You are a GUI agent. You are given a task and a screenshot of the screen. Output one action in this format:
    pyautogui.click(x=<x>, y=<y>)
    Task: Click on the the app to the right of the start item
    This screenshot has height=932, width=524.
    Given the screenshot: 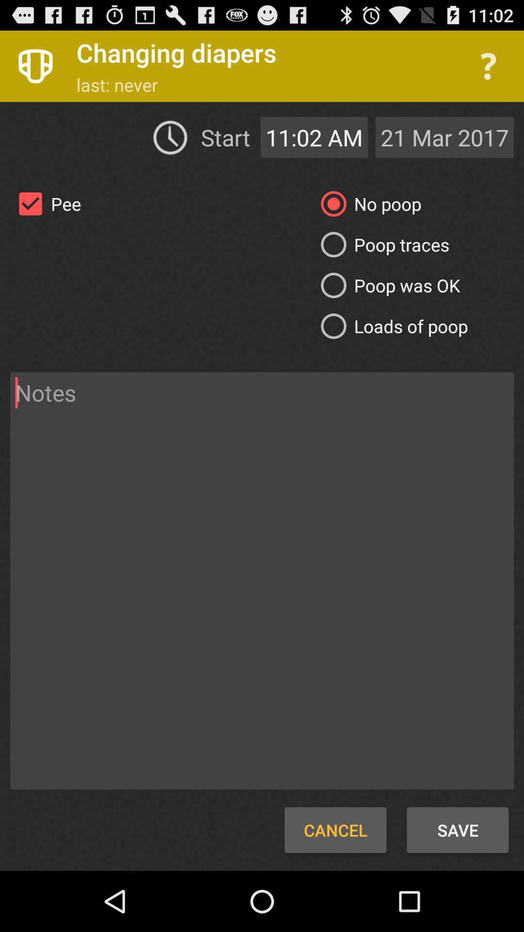 What is the action you would take?
    pyautogui.click(x=314, y=137)
    